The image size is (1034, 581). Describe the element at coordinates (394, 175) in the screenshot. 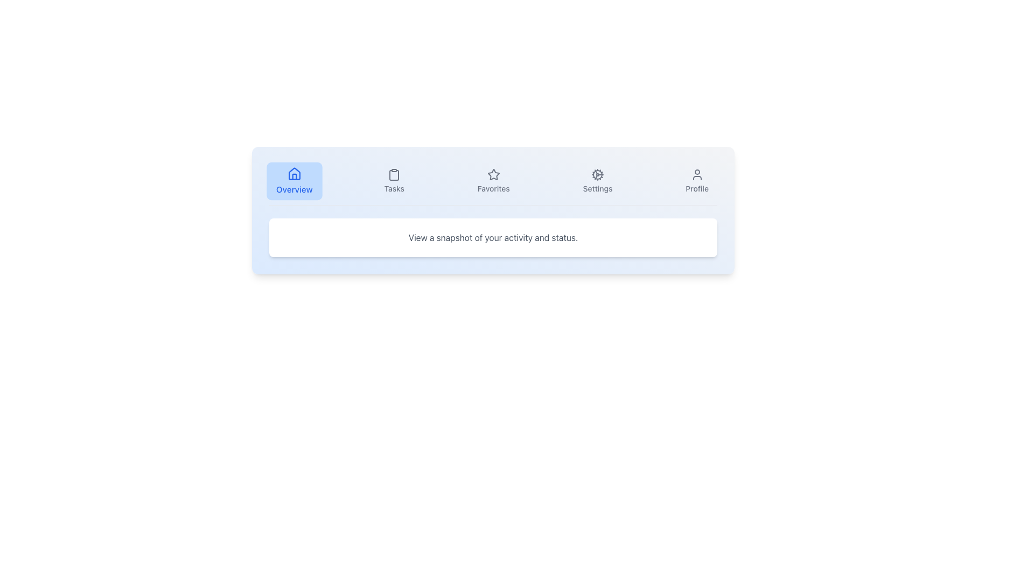

I see `the second icon` at that location.